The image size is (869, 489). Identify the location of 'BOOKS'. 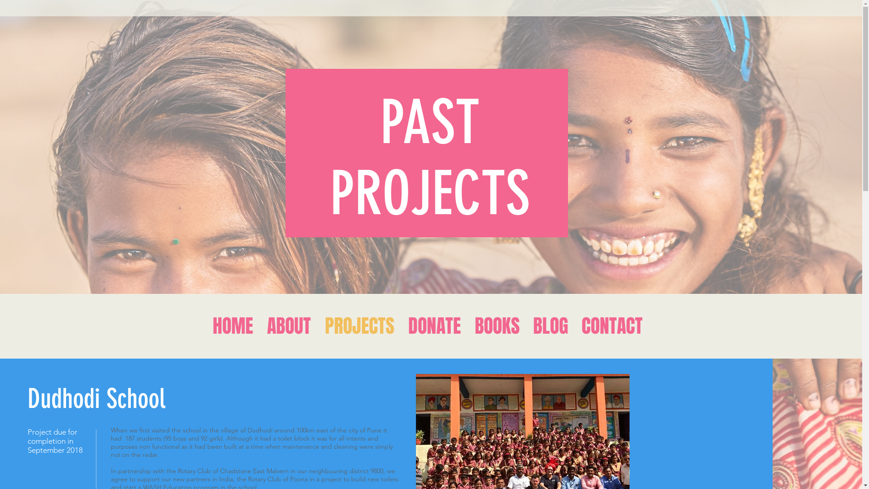
(497, 326).